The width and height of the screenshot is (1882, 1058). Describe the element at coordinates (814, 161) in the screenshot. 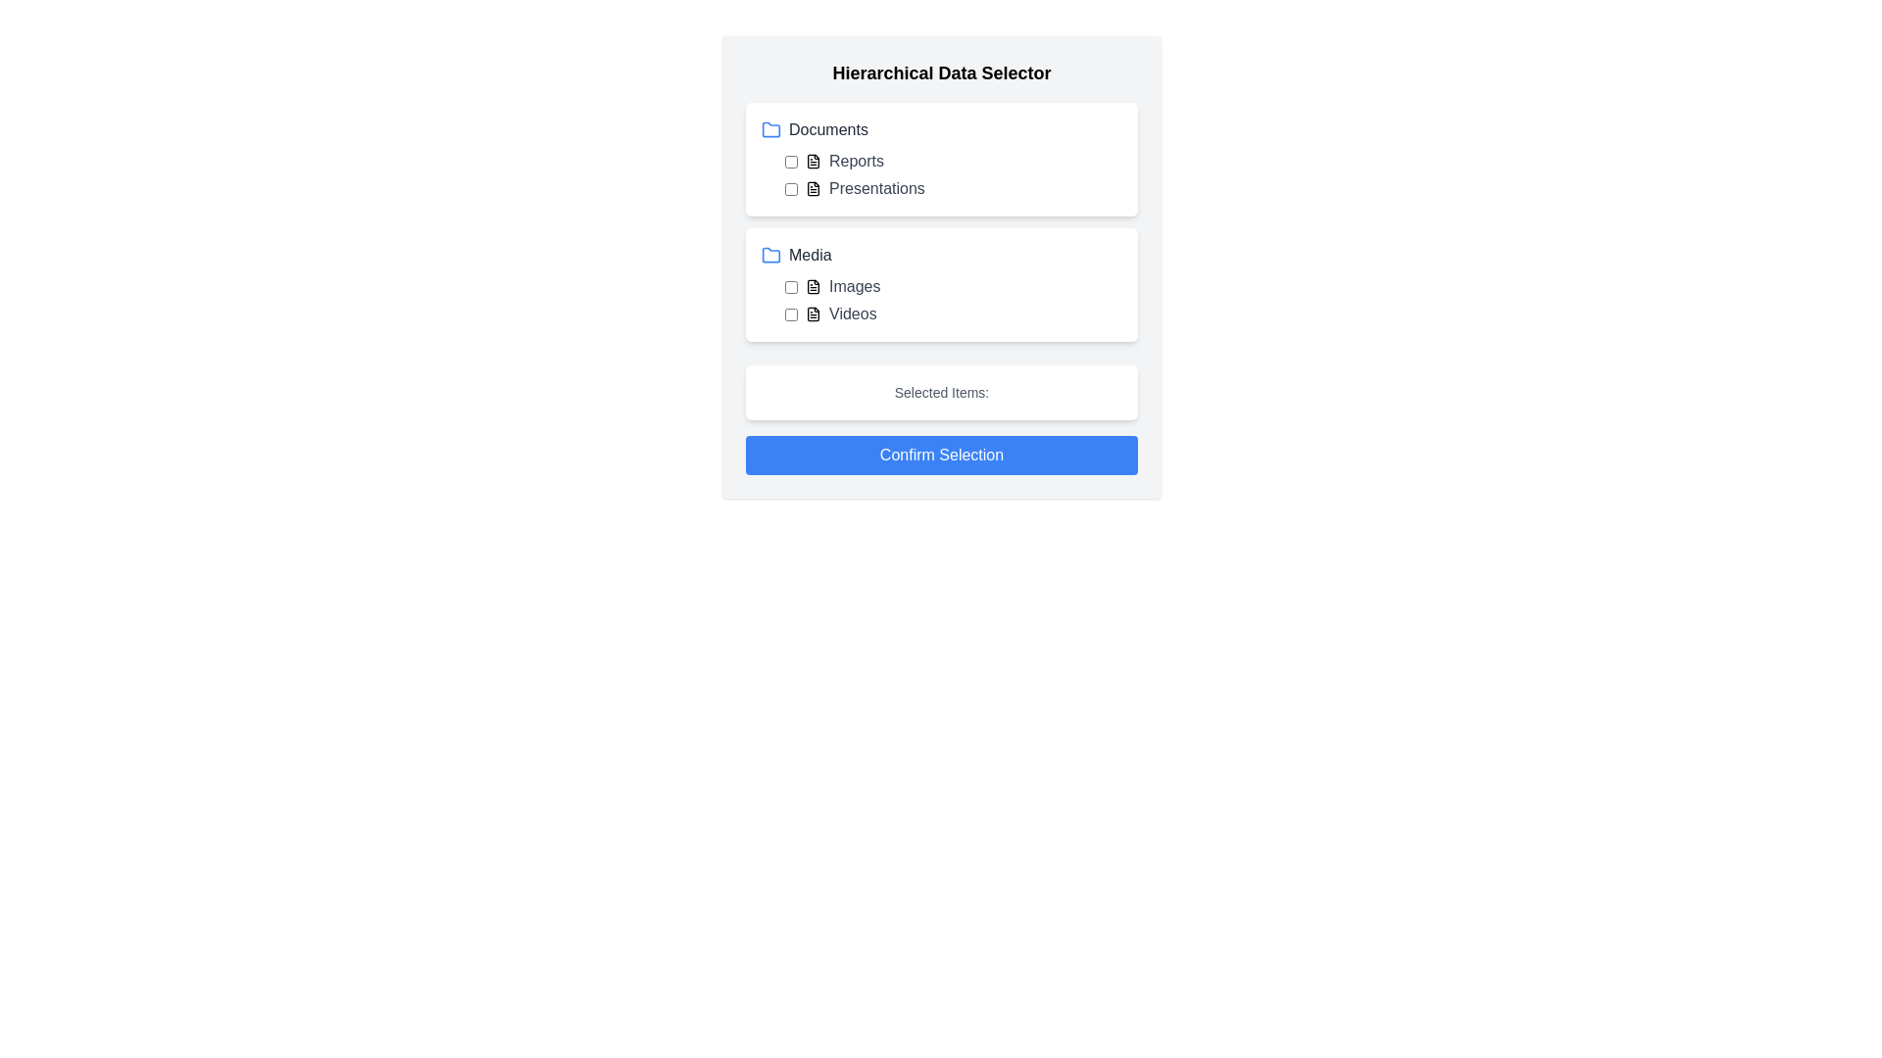

I see `the 'Reports' document icon located in the 'Documents' section, positioned left of the label 'Reports' and just right of the associated checkbox` at that location.